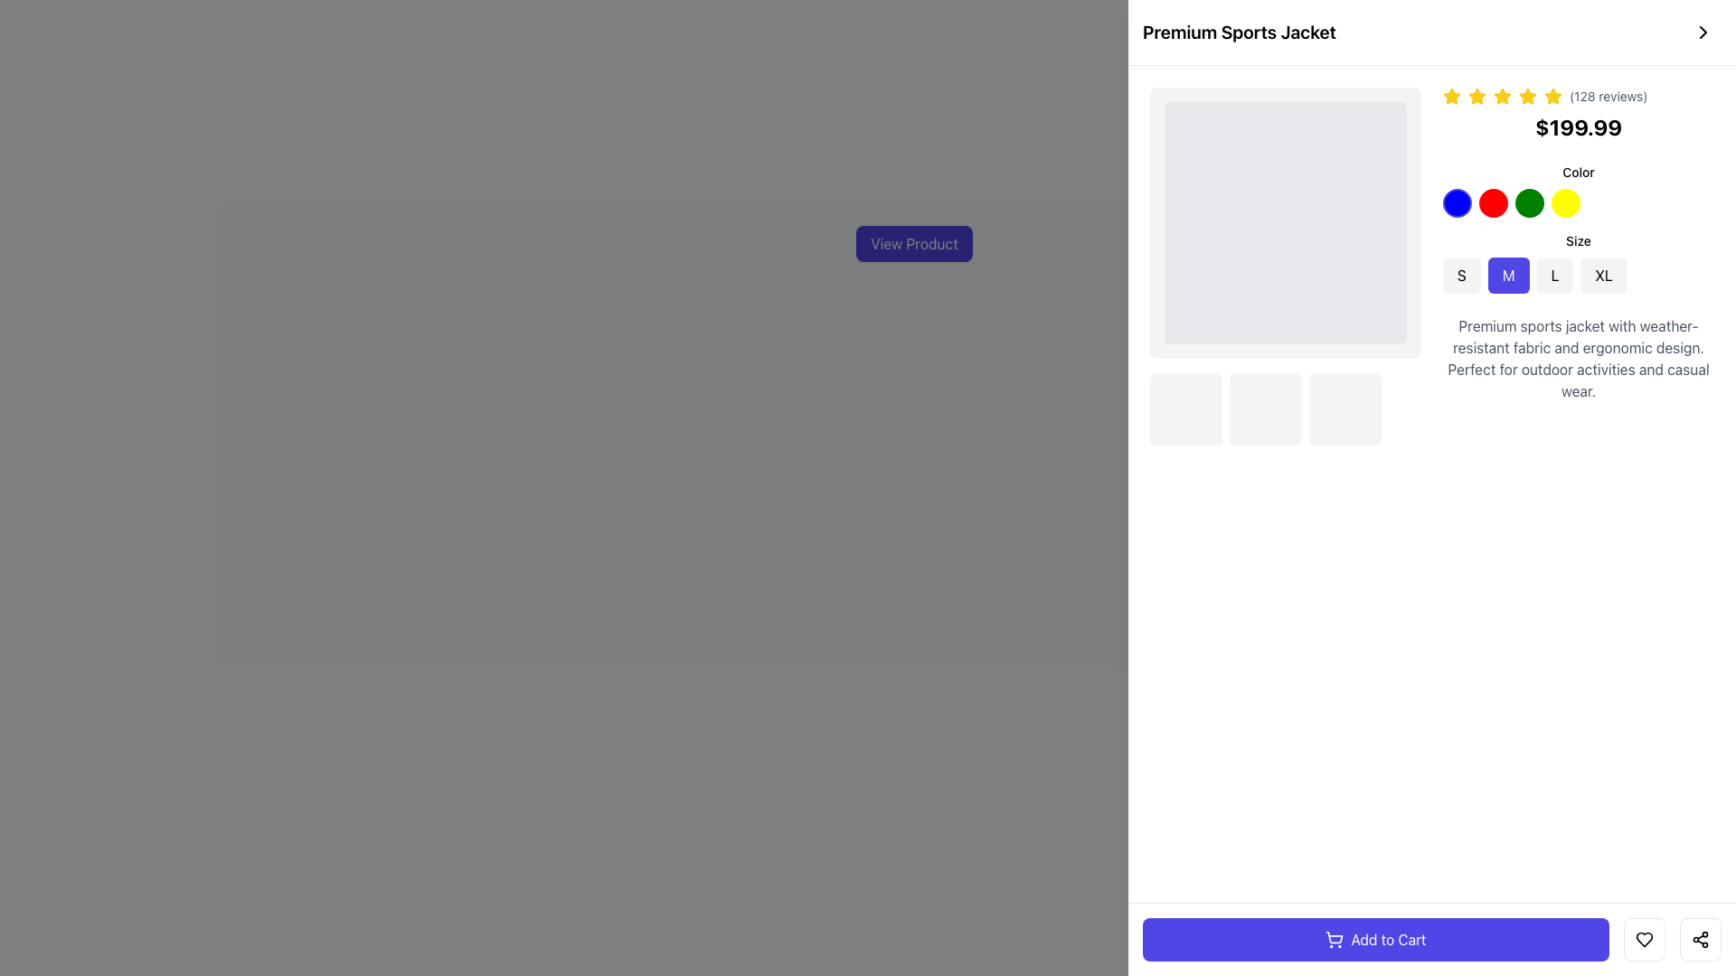 The image size is (1736, 976). I want to click on the first interactive thumbnail or option box that serves as a selector for a product variant, positioned below the main product image and to the left of the description section, so click(1185, 408).